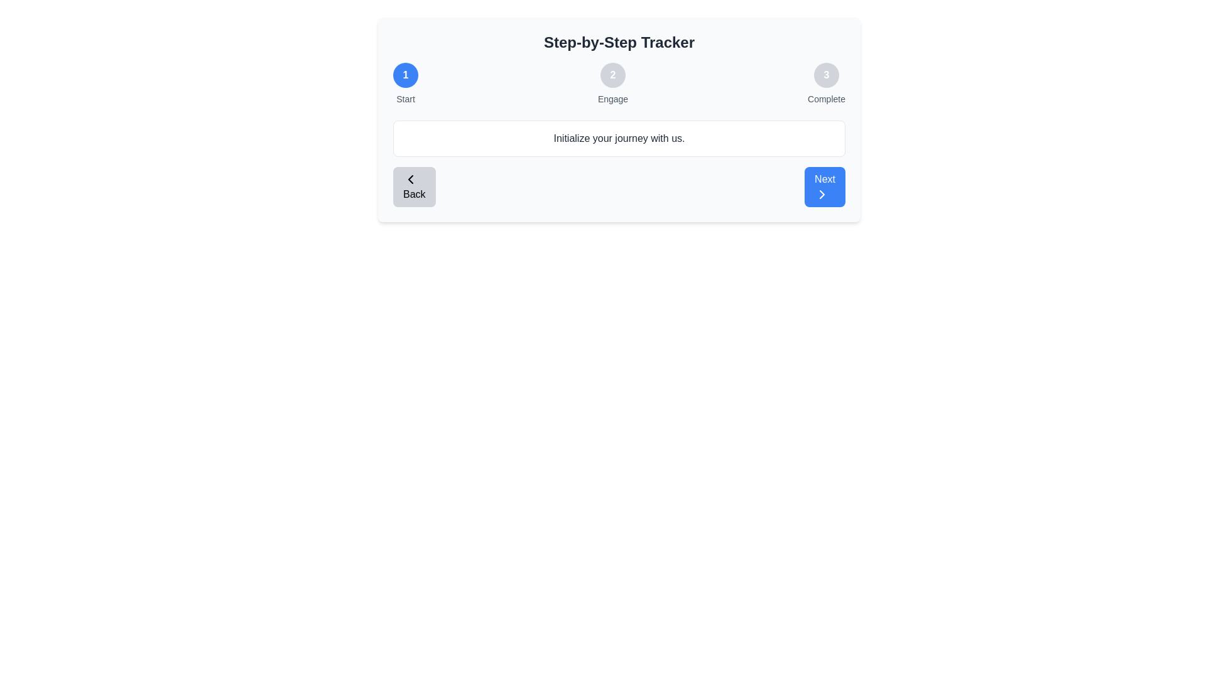 The width and height of the screenshot is (1206, 678). I want to click on the Circle button with the bold white number '3' centered in it, located at the top of the vertical stack on the far right of the UI layout, so click(826, 75).